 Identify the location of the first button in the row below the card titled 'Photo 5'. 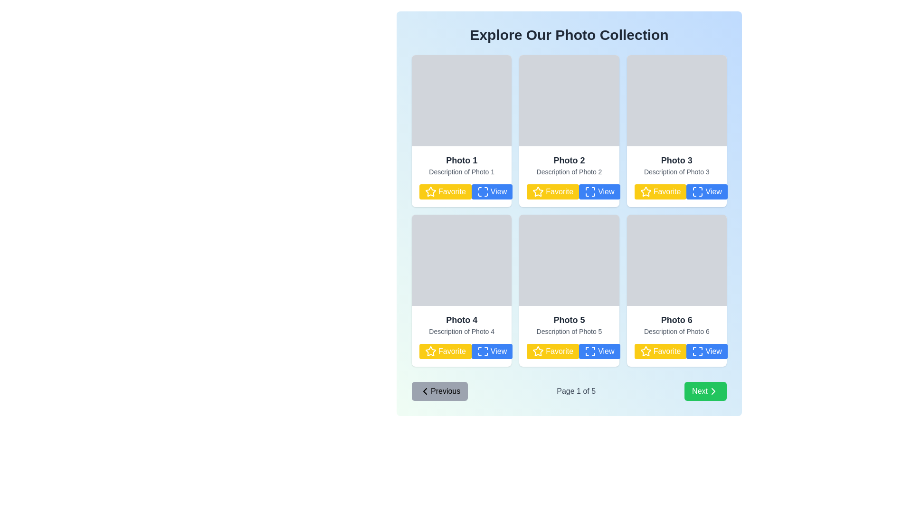
(553, 351).